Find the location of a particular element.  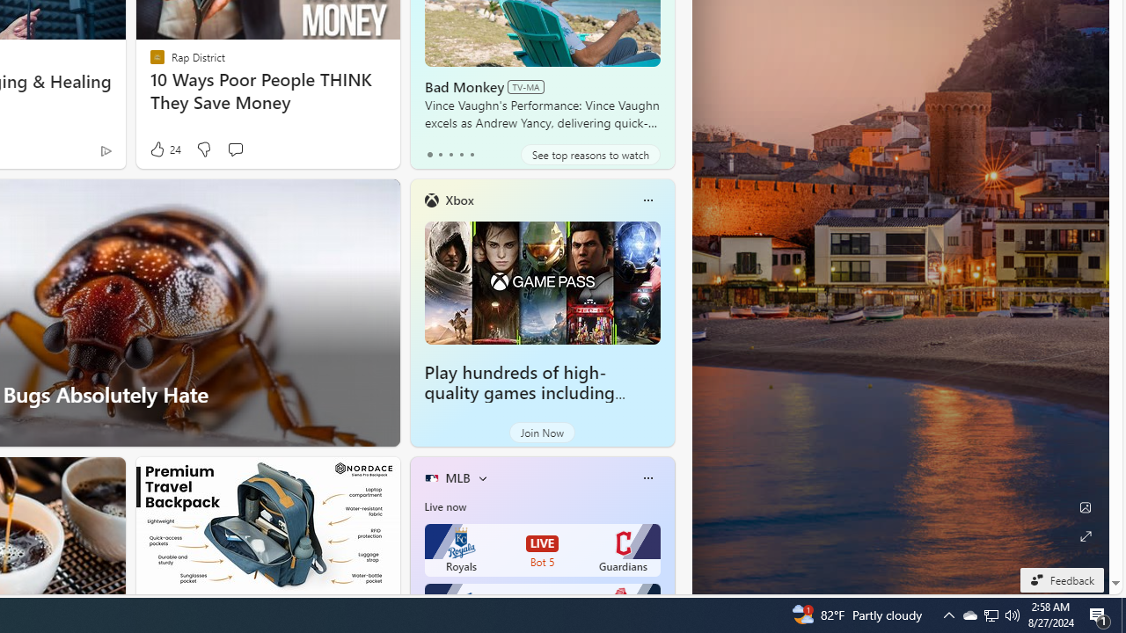

'tab-3' is located at coordinates (461, 154).